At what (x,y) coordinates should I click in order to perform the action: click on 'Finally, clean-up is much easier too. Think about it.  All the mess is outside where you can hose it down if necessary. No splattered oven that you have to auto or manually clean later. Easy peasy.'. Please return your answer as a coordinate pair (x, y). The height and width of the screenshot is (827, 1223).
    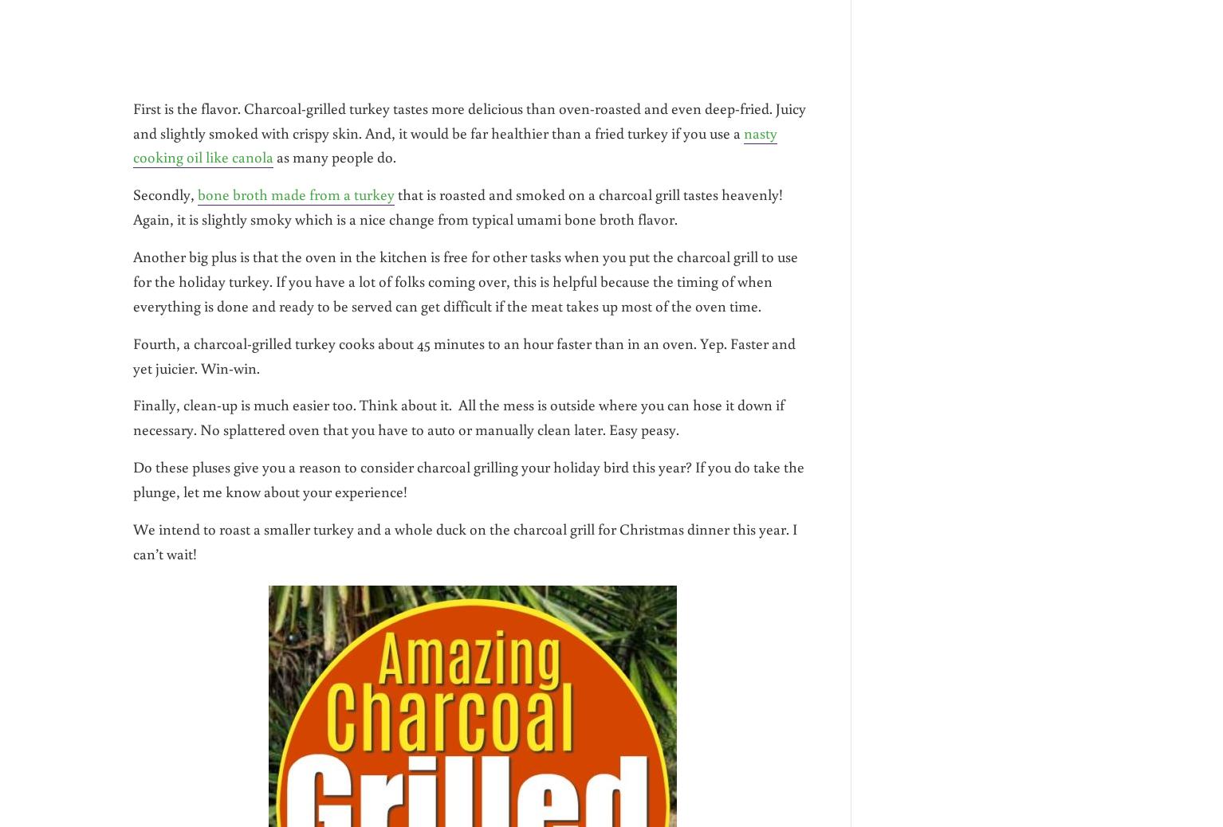
    Looking at the image, I should click on (458, 416).